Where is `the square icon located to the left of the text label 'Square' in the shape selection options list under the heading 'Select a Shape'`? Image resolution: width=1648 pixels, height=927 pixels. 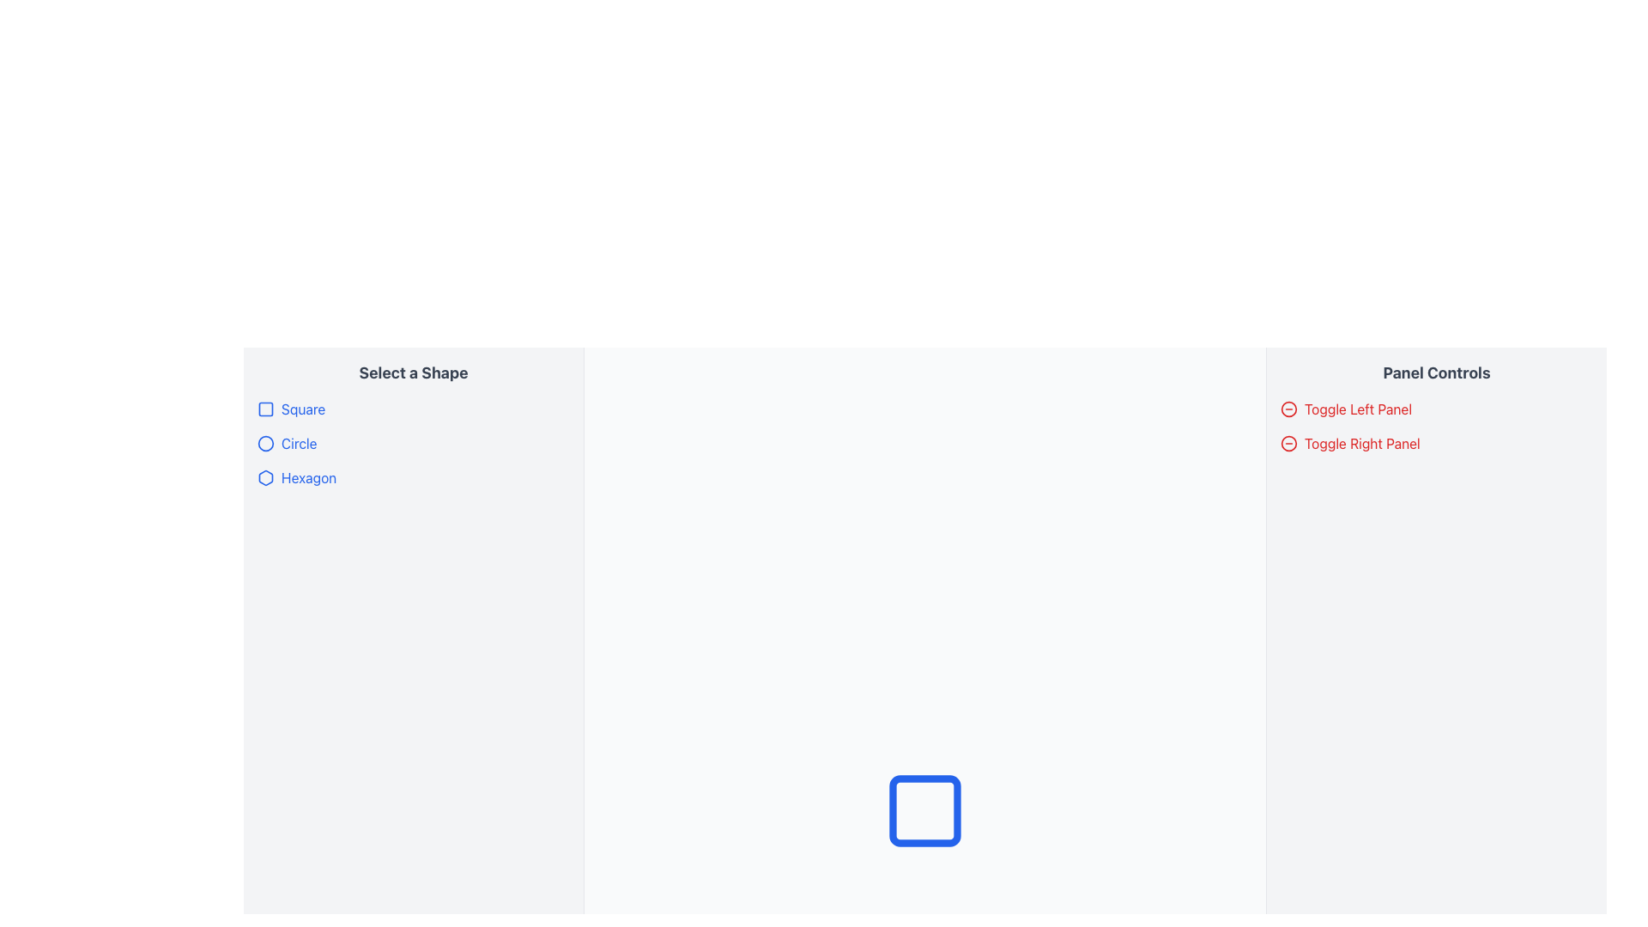 the square icon located to the left of the text label 'Square' in the shape selection options list under the heading 'Select a Shape' is located at coordinates (265, 409).